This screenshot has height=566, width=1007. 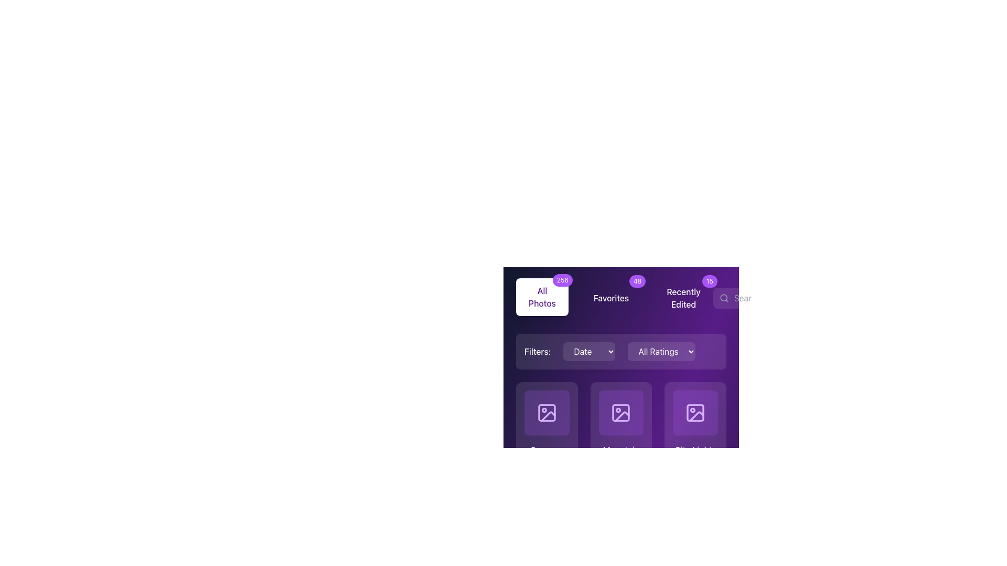 What do you see at coordinates (542, 297) in the screenshot?
I see `the 'All Photos' button, which is a white button displaying purple text, to trigger the view` at bounding box center [542, 297].